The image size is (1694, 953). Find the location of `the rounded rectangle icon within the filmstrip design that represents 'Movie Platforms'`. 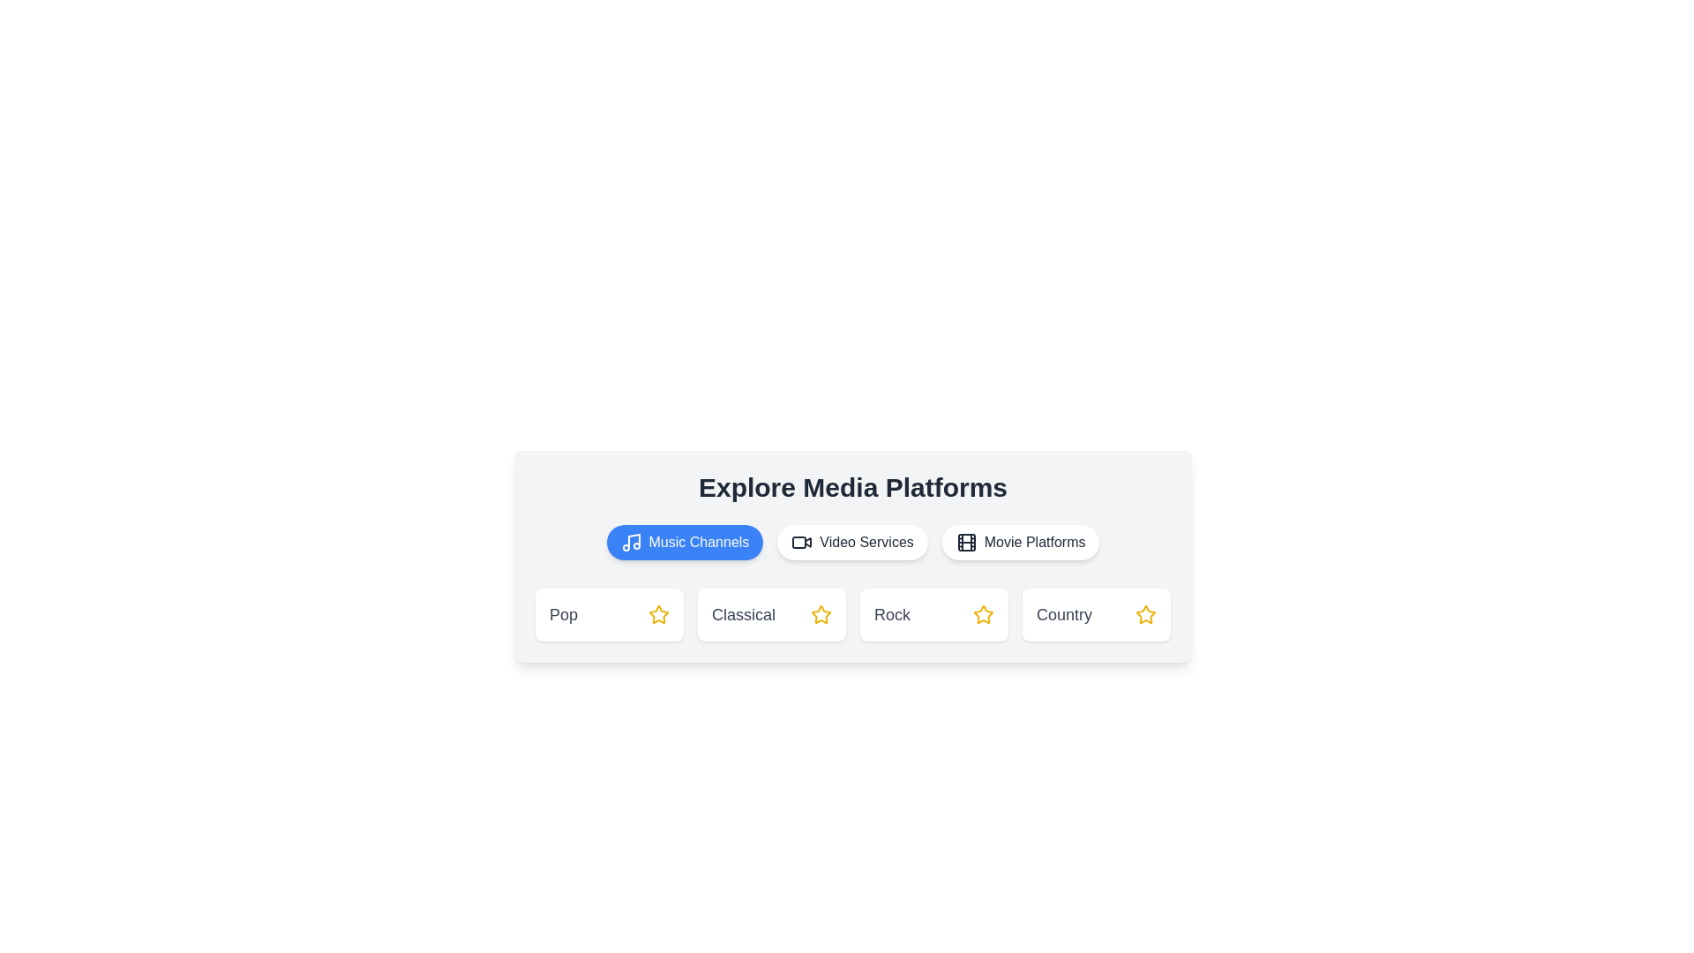

the rounded rectangle icon within the filmstrip design that represents 'Movie Platforms' is located at coordinates (965, 541).